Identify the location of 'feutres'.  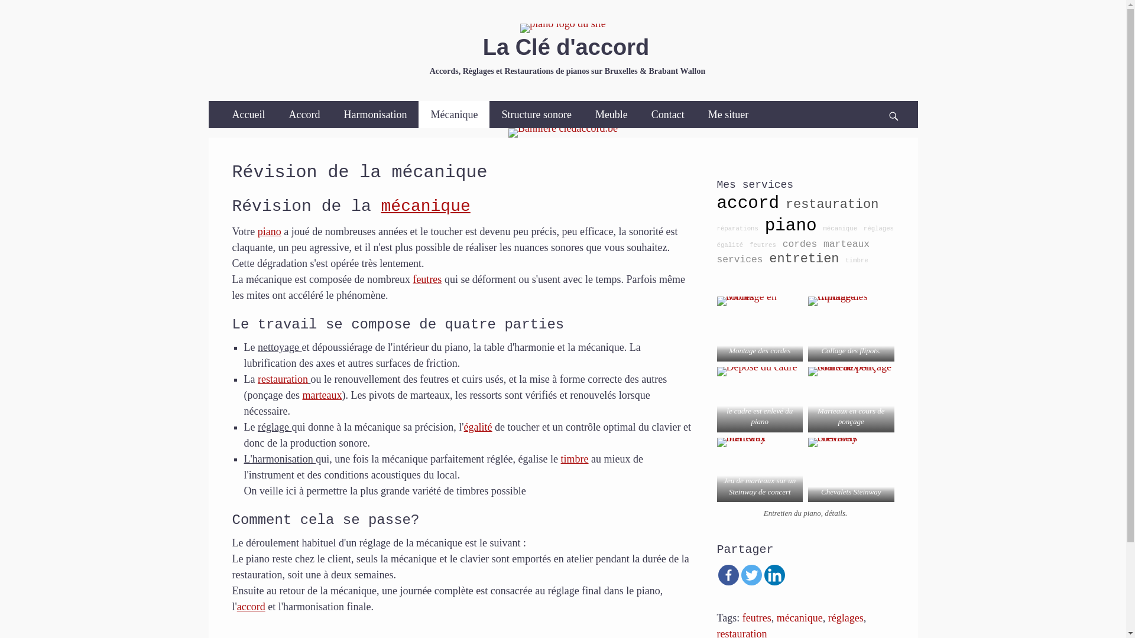
(412, 279).